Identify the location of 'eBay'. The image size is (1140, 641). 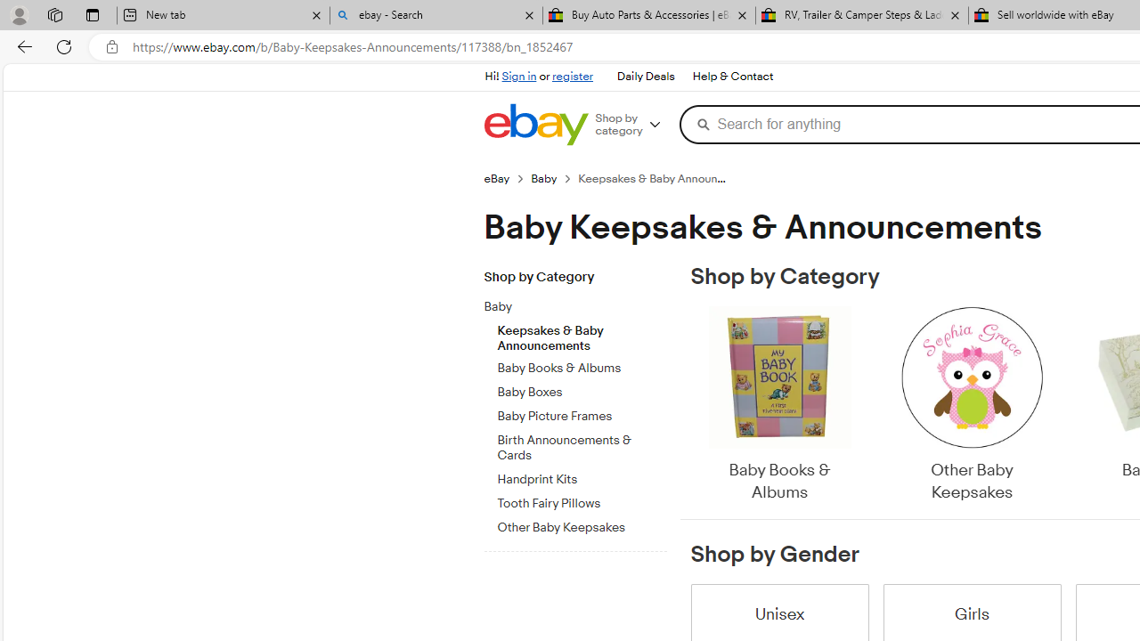
(497, 178).